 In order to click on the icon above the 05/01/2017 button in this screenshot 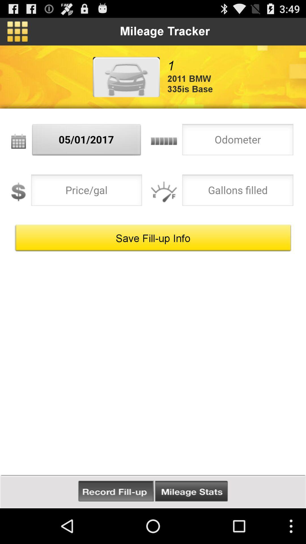, I will do `click(126, 76)`.